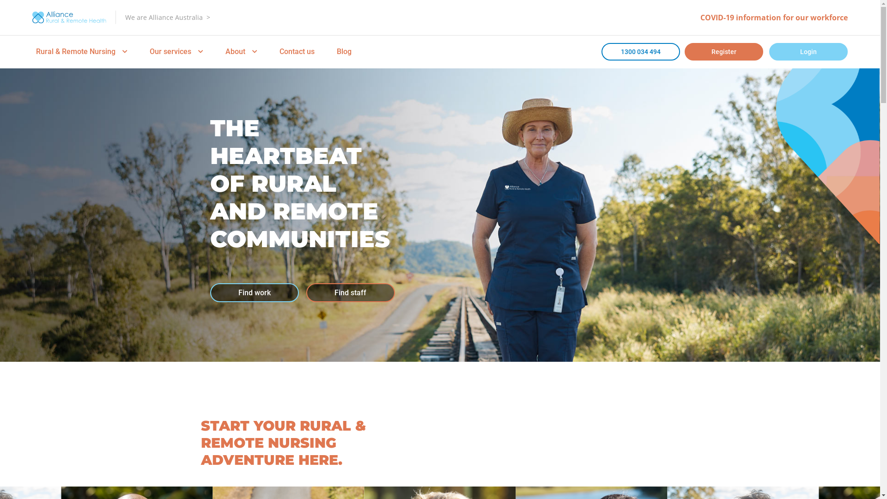  What do you see at coordinates (254, 292) in the screenshot?
I see `'Find work'` at bounding box center [254, 292].